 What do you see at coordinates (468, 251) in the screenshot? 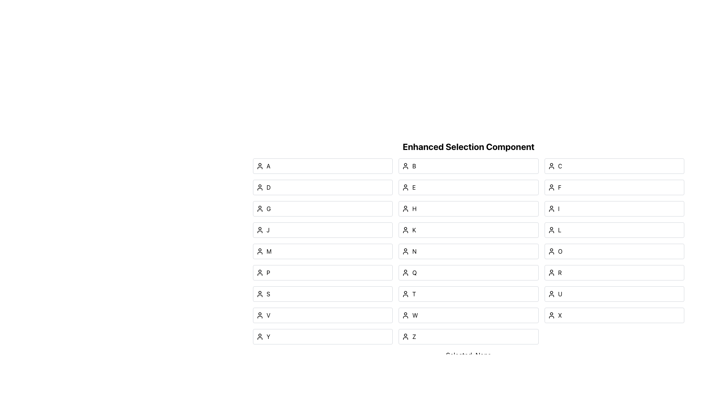
I see `the selectable button-like element representing the letter 'N' located in the ninth row and second column of the grid layout` at bounding box center [468, 251].